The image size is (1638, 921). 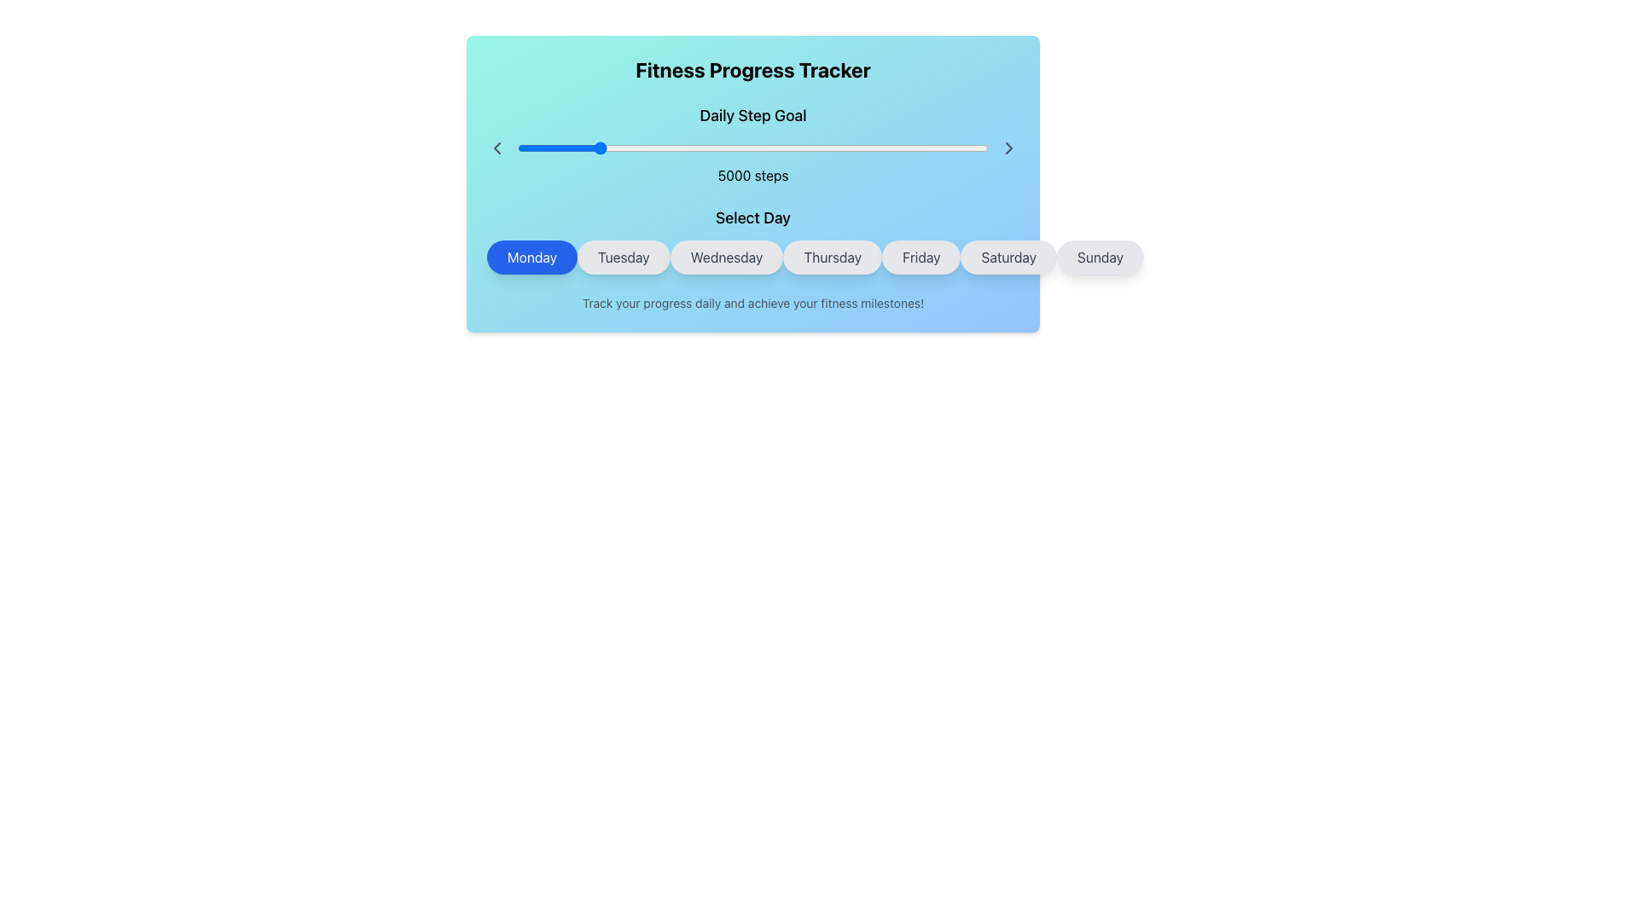 What do you see at coordinates (921, 257) in the screenshot?
I see `the rectangular button labeled 'Friday', which has rounded corners and a light gray background` at bounding box center [921, 257].